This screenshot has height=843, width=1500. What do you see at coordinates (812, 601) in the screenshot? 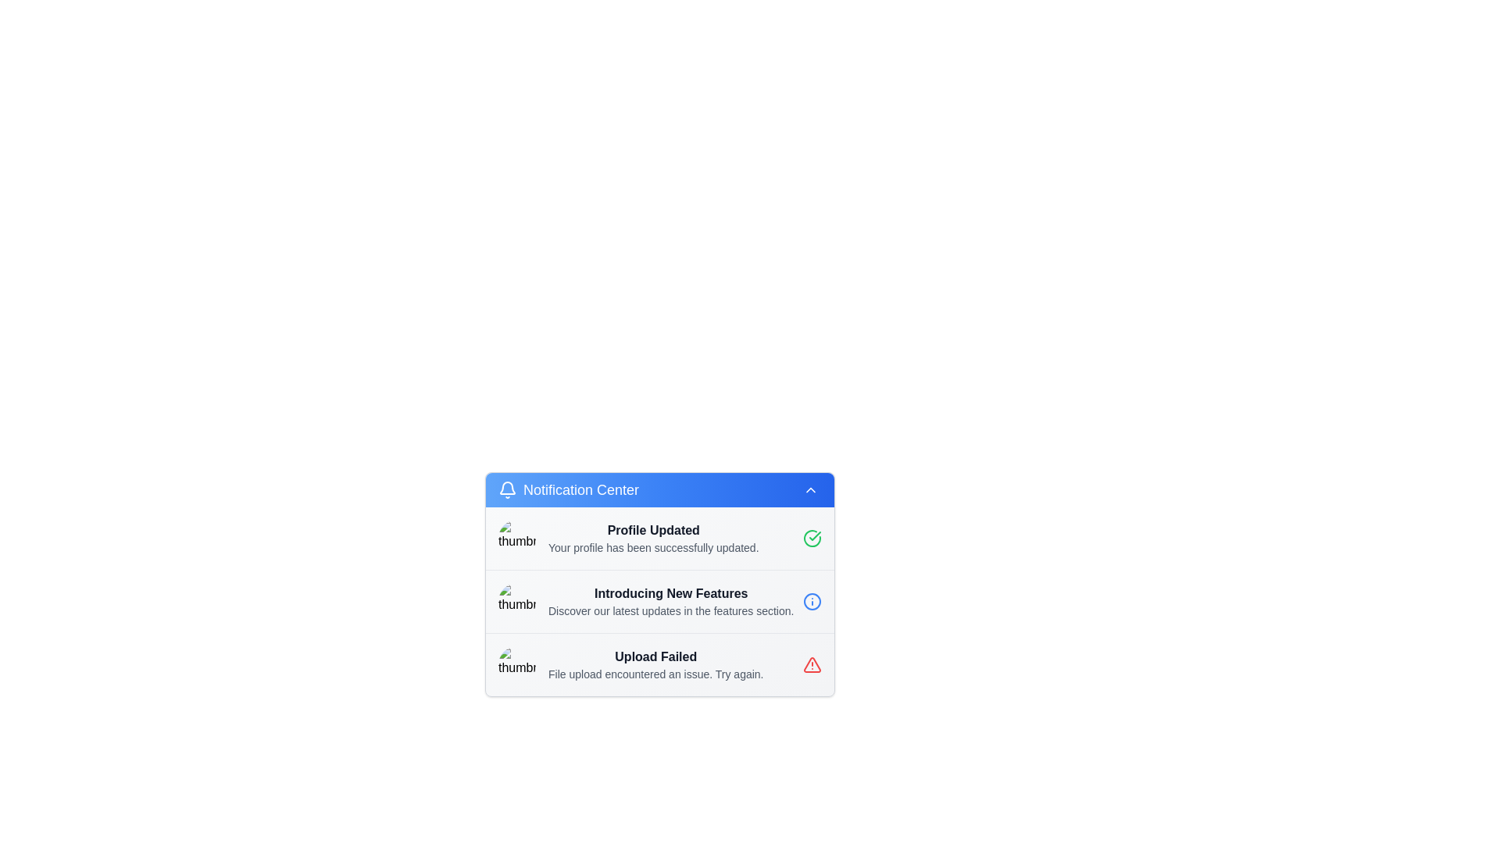
I see `the blue circular icon with an 'i' symbol, located in the top-right corner of the 'Introducing New Features' notification card` at bounding box center [812, 601].